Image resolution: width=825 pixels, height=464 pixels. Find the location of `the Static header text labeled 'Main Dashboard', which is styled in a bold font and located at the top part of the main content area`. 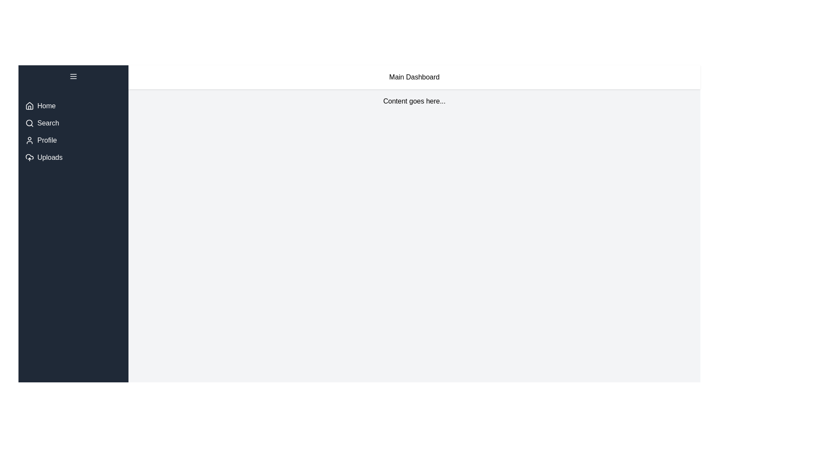

the Static header text labeled 'Main Dashboard', which is styled in a bold font and located at the top part of the main content area is located at coordinates (414, 77).